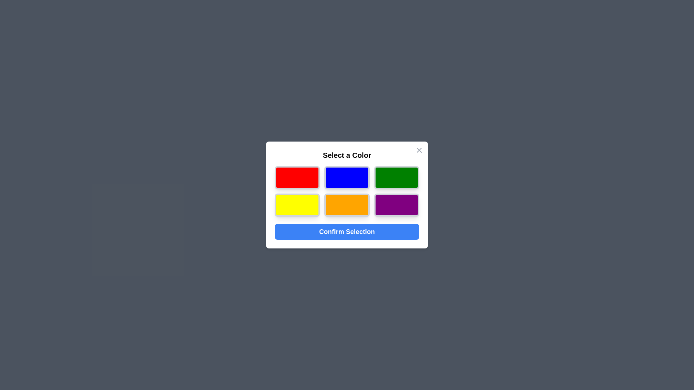 Image resolution: width=694 pixels, height=390 pixels. What do you see at coordinates (347, 178) in the screenshot?
I see `the color blue from the palette` at bounding box center [347, 178].